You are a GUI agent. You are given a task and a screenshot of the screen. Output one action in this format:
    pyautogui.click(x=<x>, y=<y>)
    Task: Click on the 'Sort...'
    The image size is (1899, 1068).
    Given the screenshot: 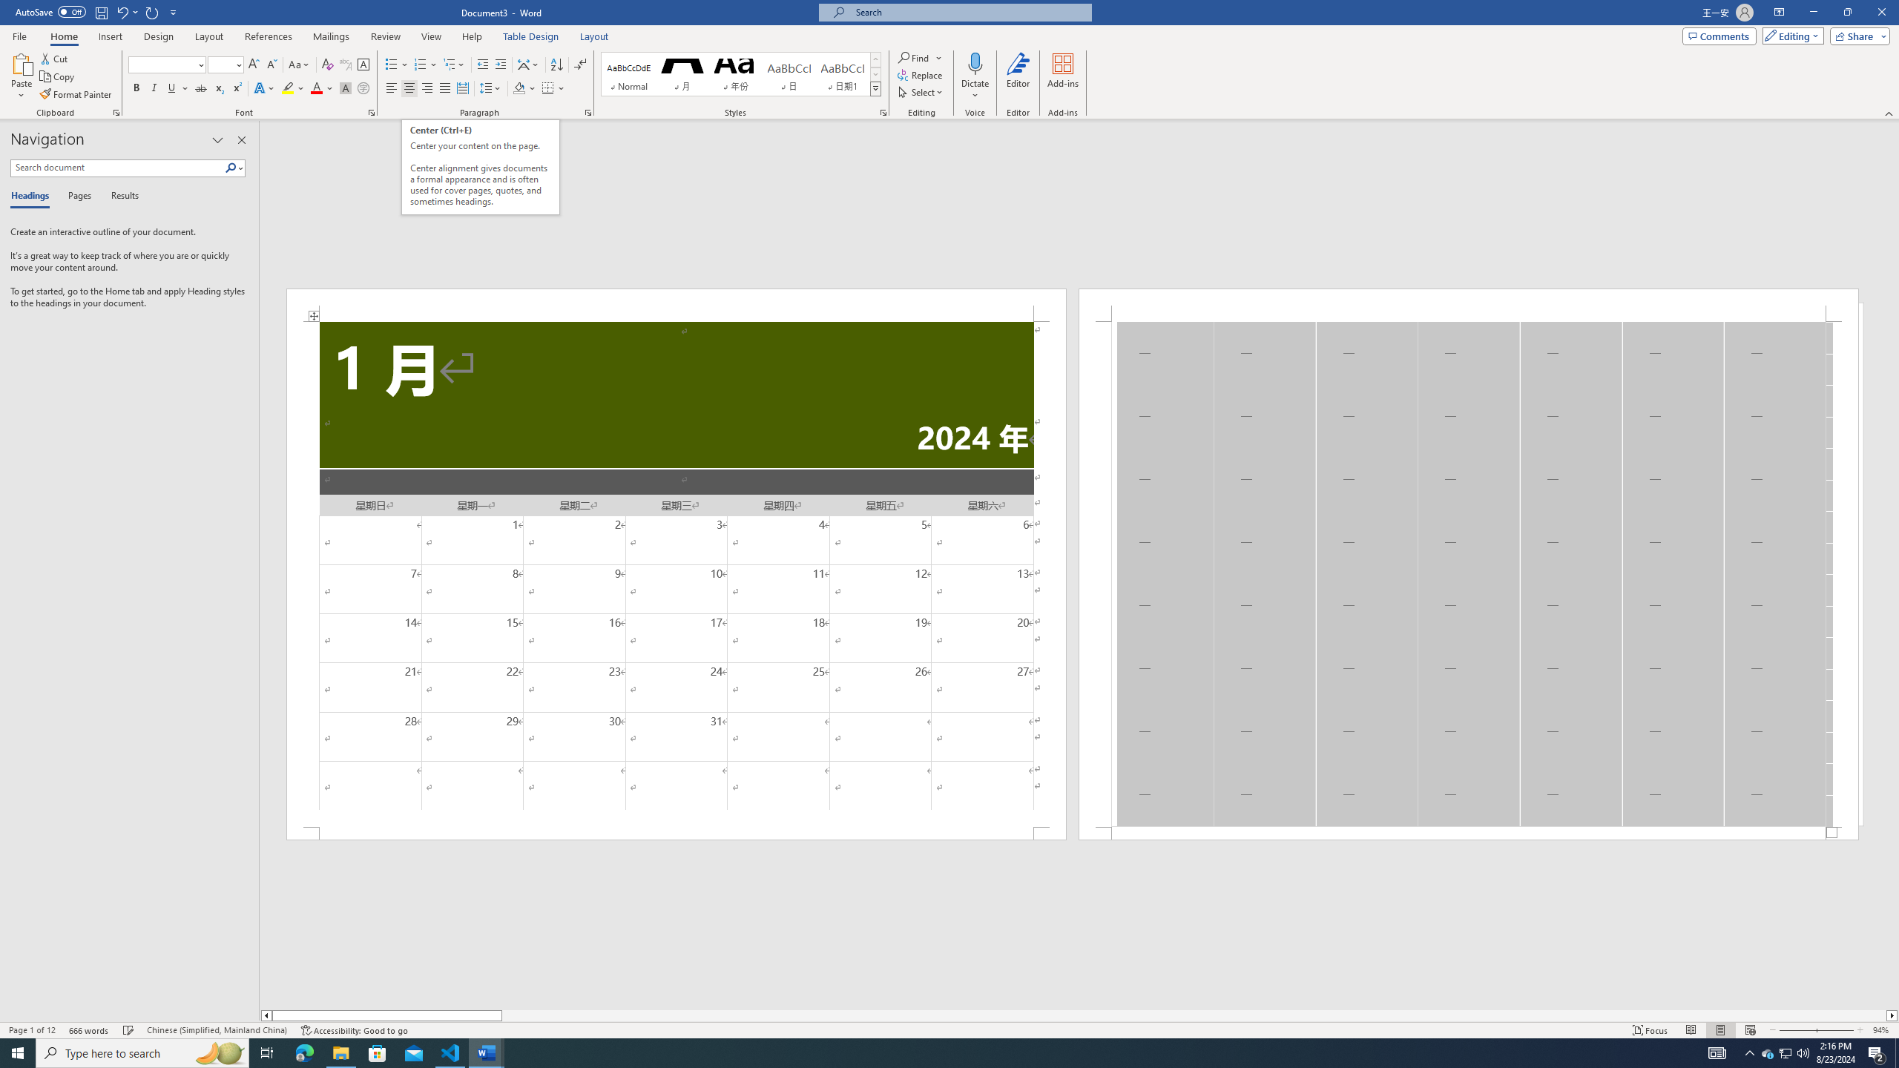 What is the action you would take?
    pyautogui.click(x=556, y=65)
    